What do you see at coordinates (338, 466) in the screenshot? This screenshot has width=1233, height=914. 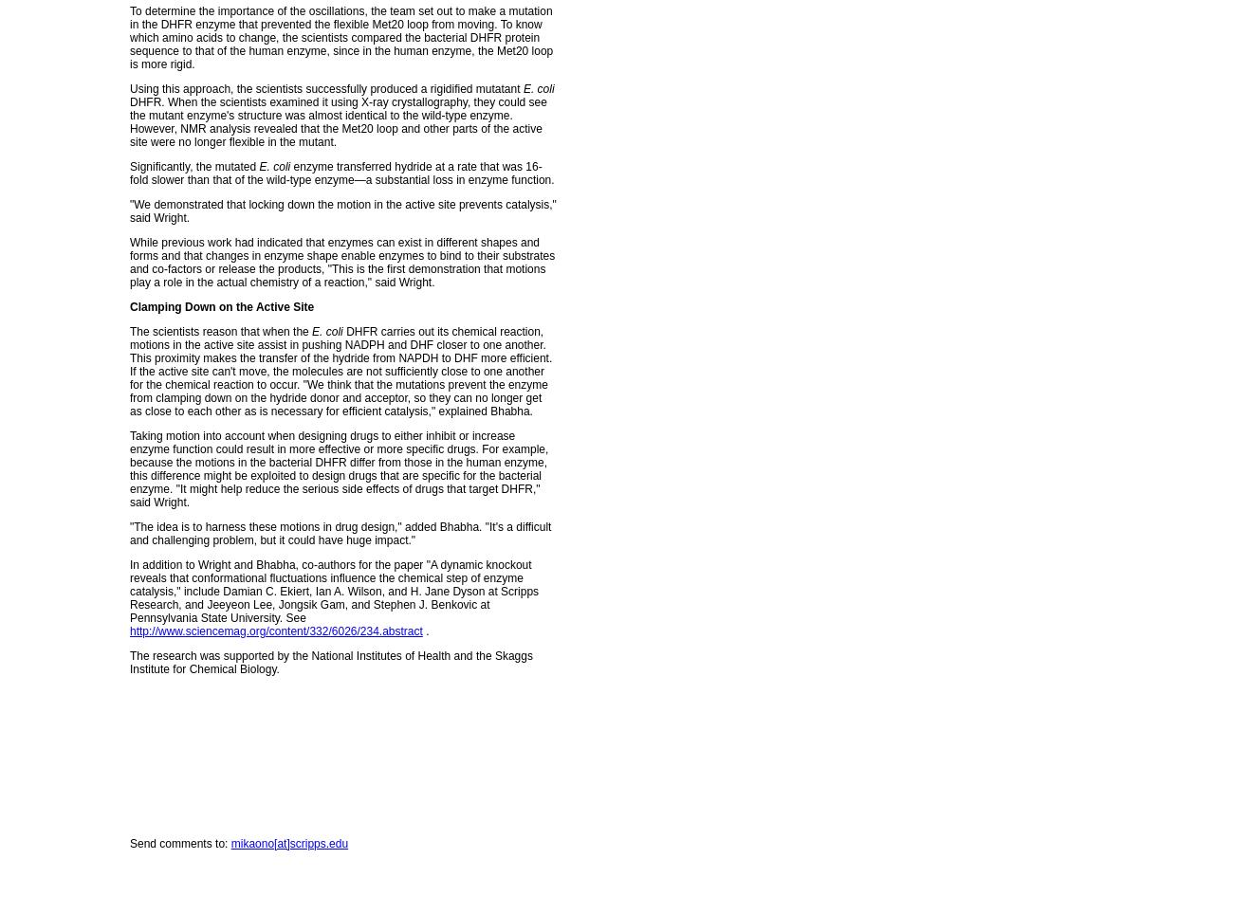 I see `'Taking motion into account when designing drugs to either inhibit or increase enzyme function could result in more effective or more specific drugs. For example, because the motions in the bacterial DHFR differ from those in the human enzyme, this difference might be exploited to design drugs that are specific for the bacterial enzyme. "It might help reduce the serious side effects of drugs that target DHFR," said Wright.'` at bounding box center [338, 466].